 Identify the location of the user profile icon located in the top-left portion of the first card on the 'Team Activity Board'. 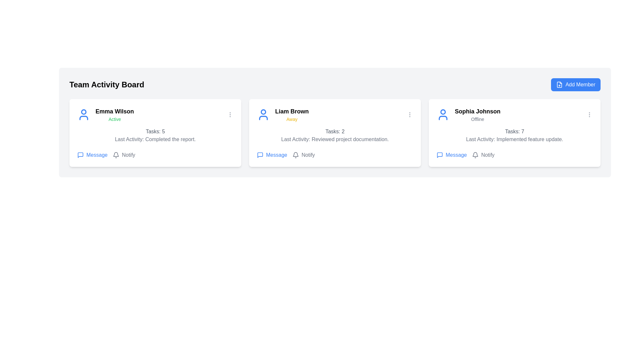
(83, 114).